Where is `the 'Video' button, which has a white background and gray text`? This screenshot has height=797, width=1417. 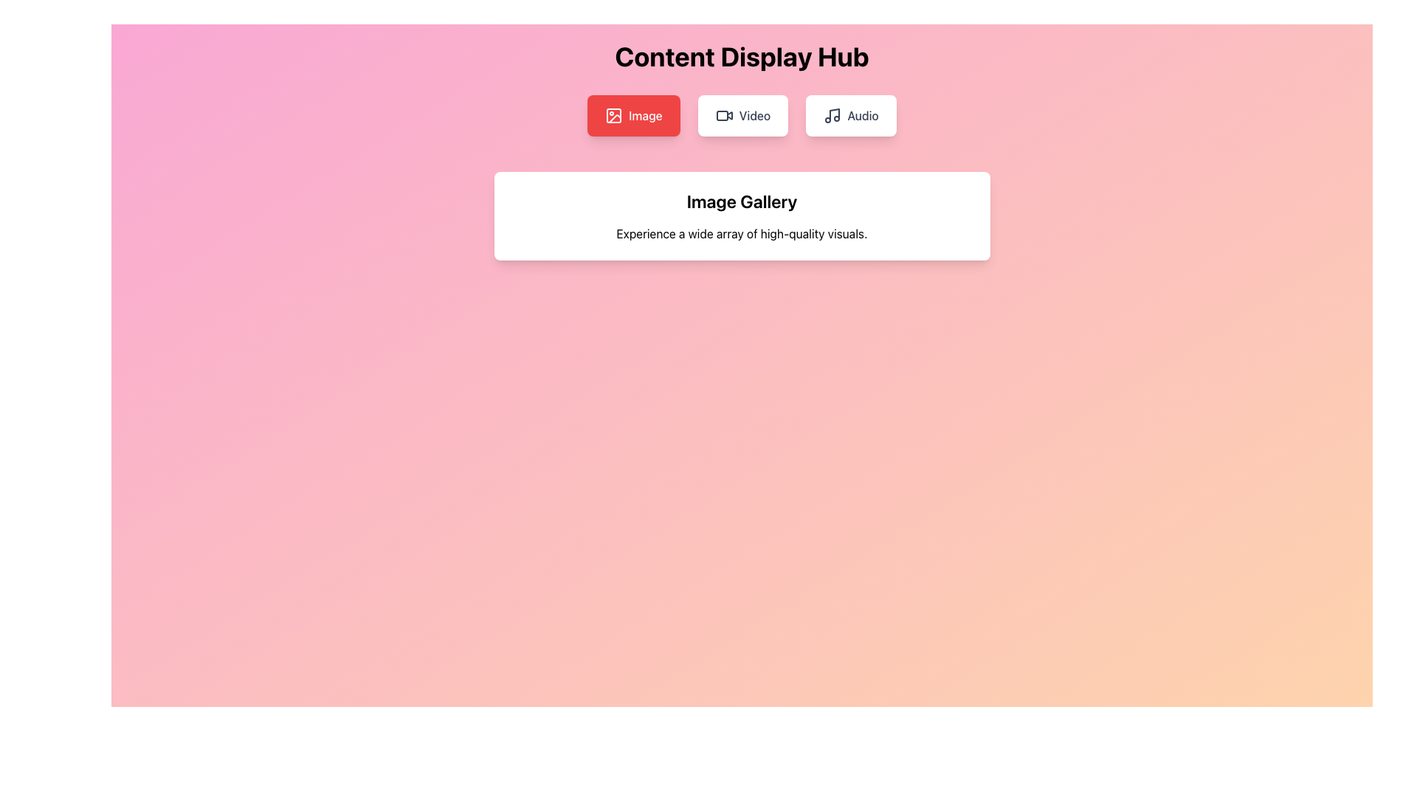
the 'Video' button, which has a white background and gray text is located at coordinates (743, 115).